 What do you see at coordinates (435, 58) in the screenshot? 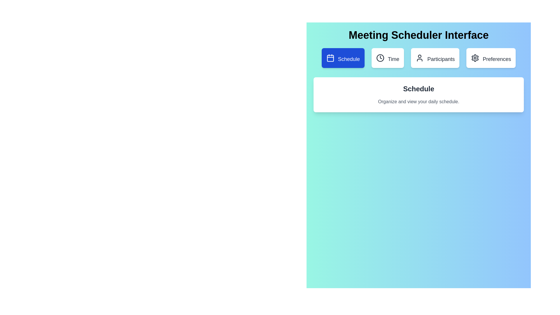
I see `the 'Participants' button` at bounding box center [435, 58].